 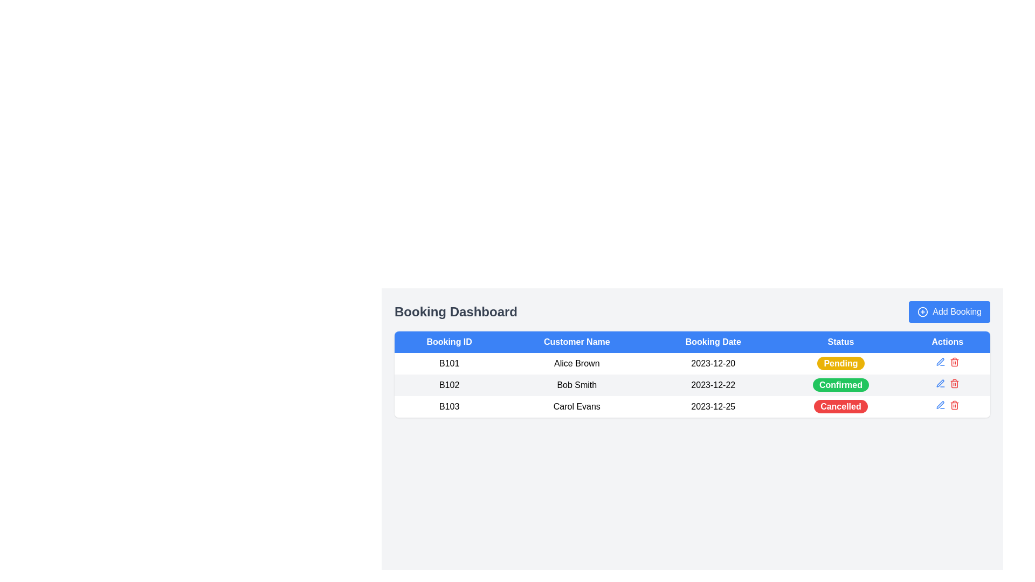 What do you see at coordinates (954, 383) in the screenshot?
I see `the delete icon for the booking entry of 'Bob Smith' with 'Confirmed' status to observe the hover effect` at bounding box center [954, 383].